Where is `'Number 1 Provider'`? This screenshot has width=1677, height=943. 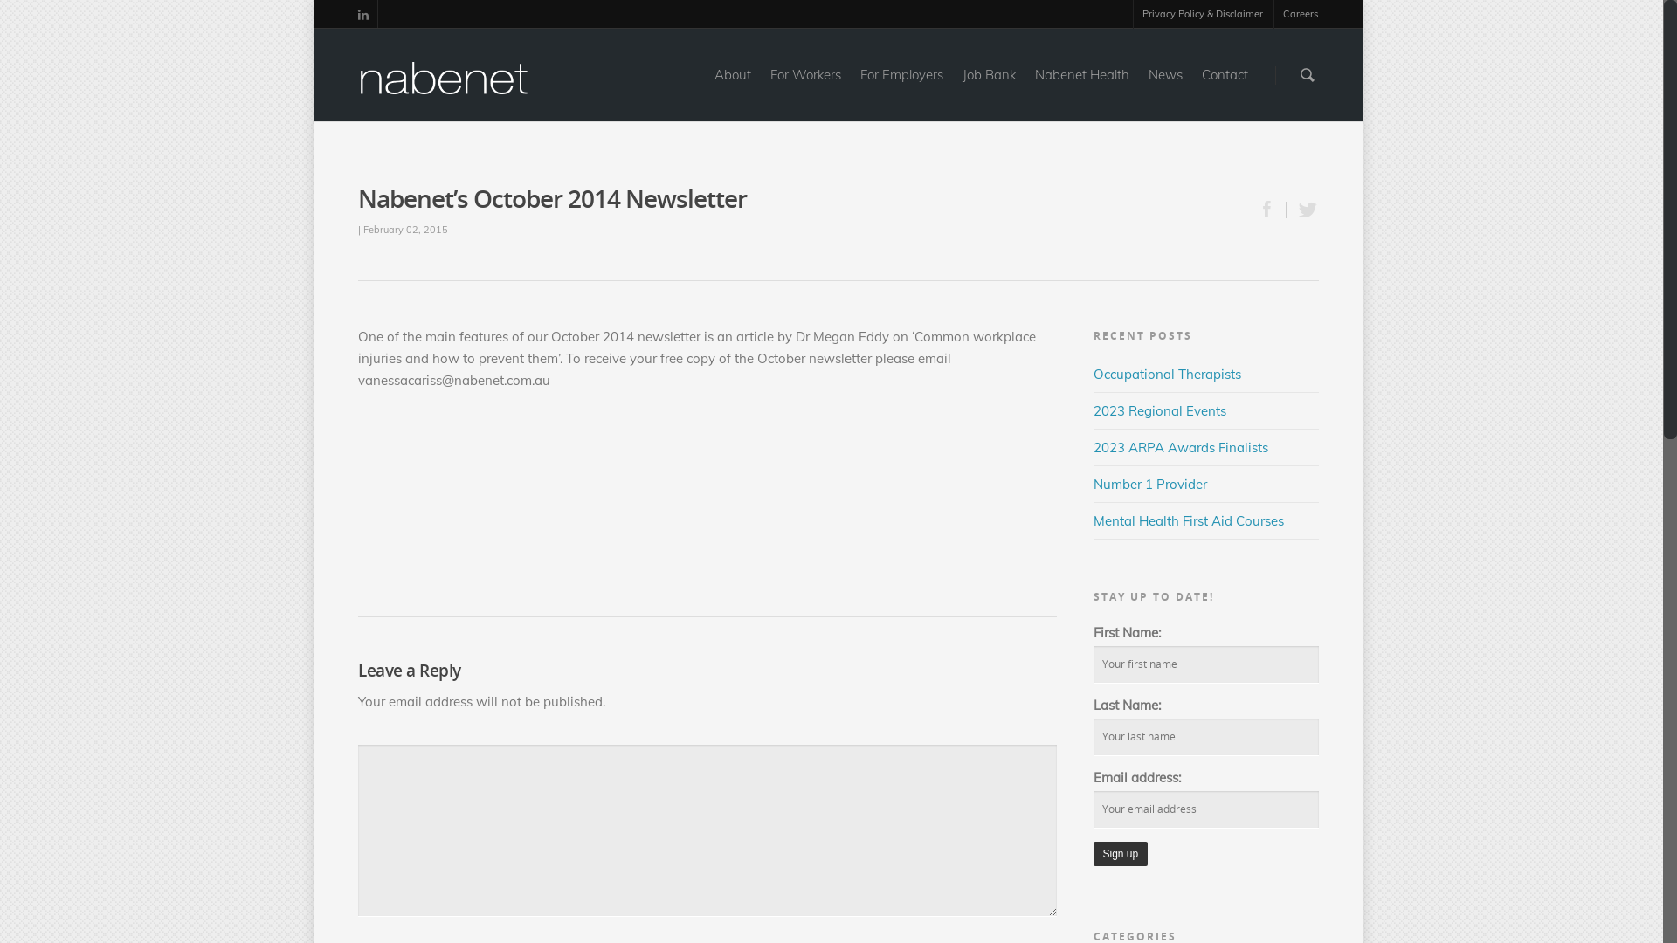
'Number 1 Provider' is located at coordinates (1149, 483).